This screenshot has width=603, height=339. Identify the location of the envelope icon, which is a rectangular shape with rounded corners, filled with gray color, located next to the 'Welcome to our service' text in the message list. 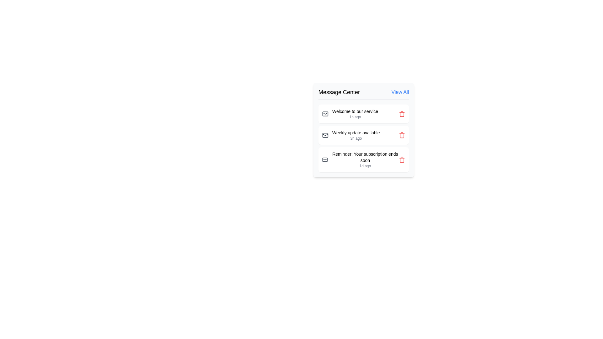
(325, 114).